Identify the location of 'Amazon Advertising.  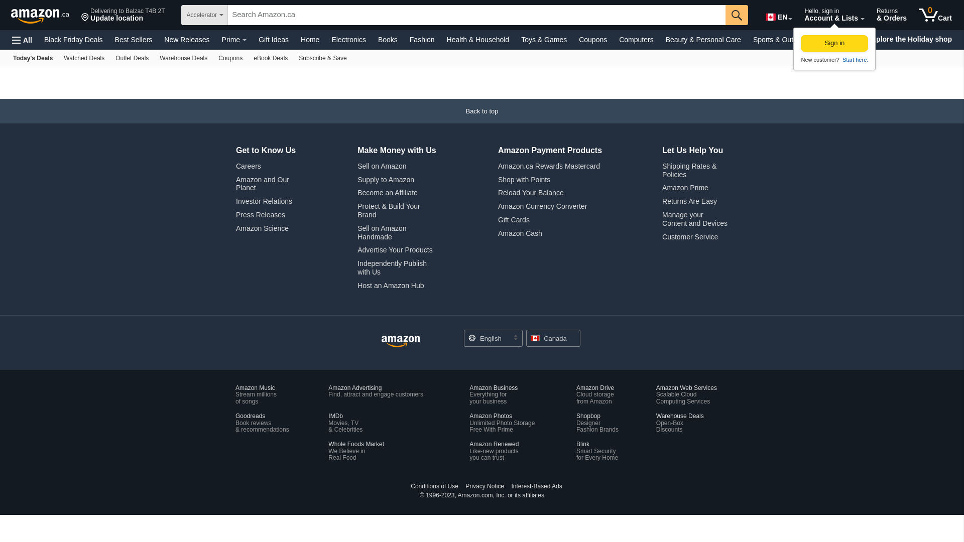
(375, 390).